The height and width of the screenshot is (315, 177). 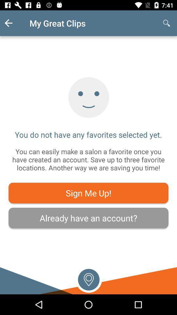 I want to click on sign me up! item, so click(x=88, y=193).